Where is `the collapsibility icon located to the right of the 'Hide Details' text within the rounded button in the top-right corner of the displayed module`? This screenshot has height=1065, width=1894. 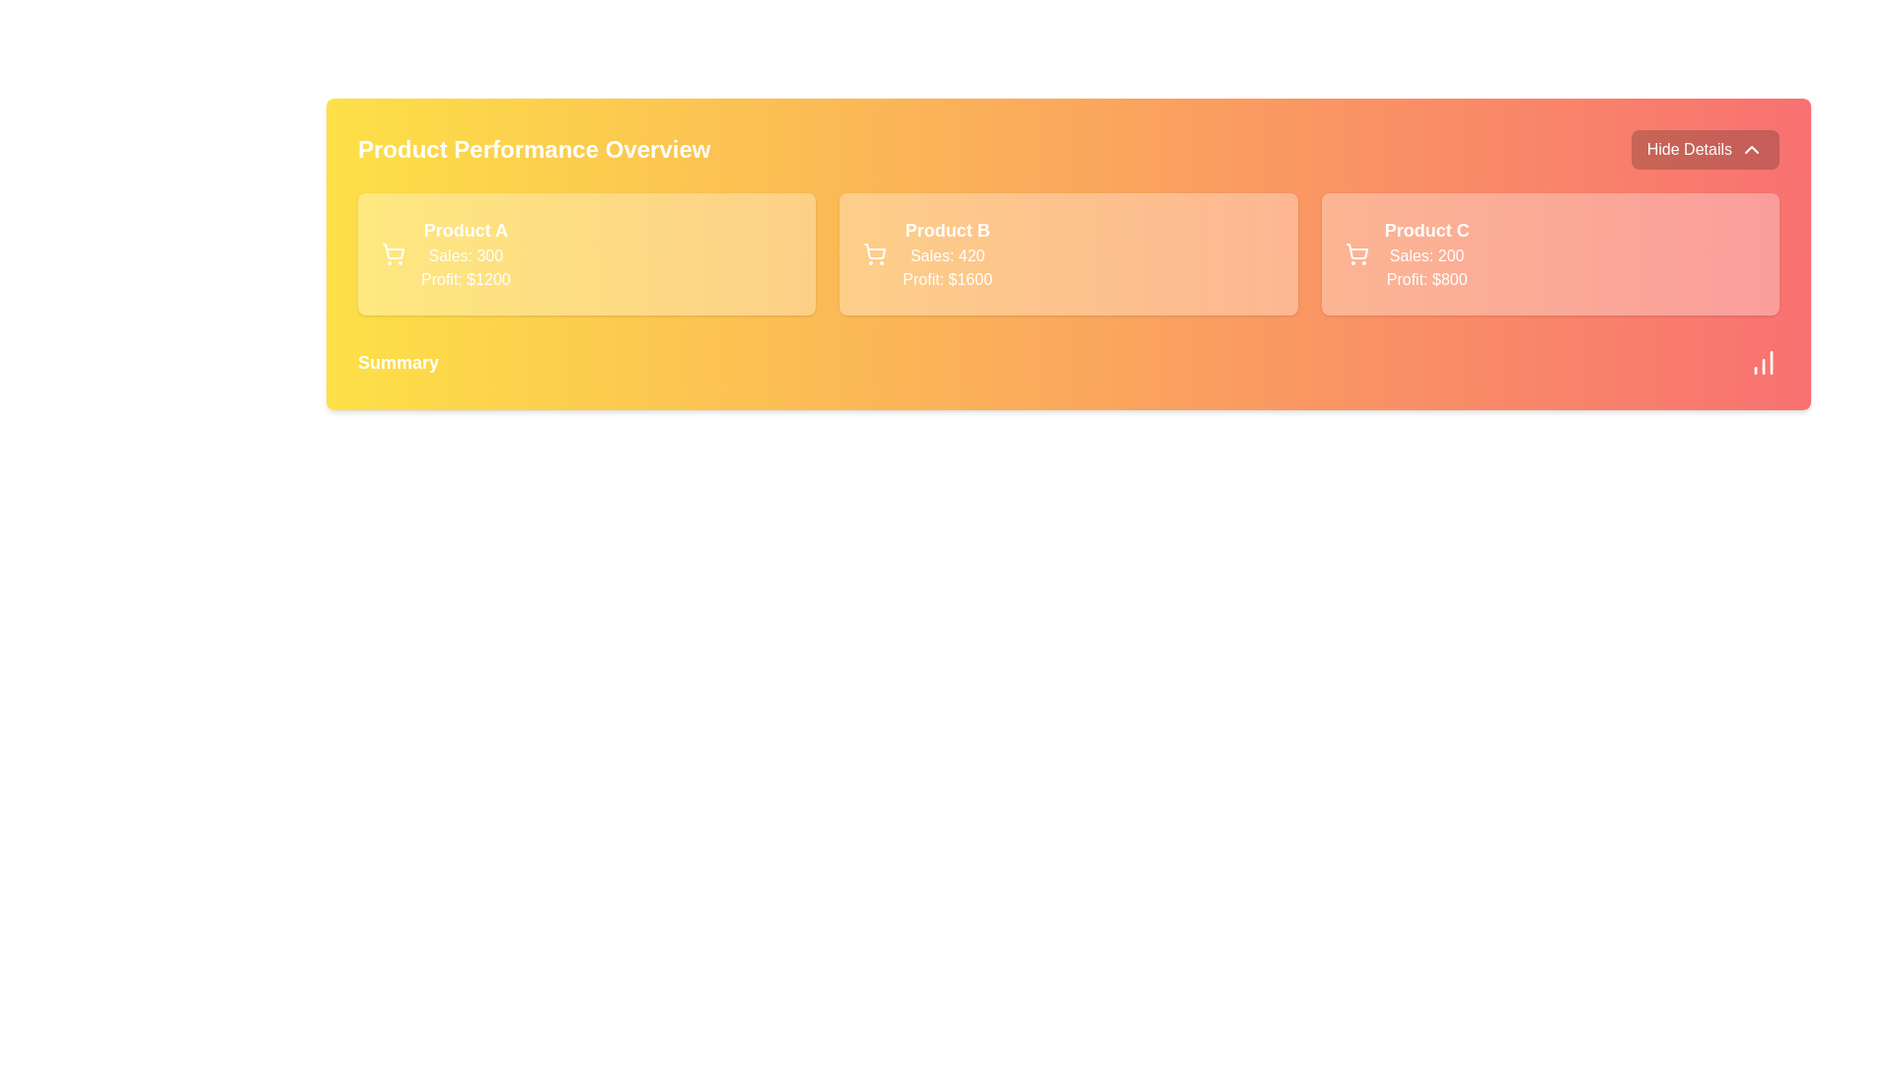
the collapsibility icon located to the right of the 'Hide Details' text within the rounded button in the top-right corner of the displayed module is located at coordinates (1752, 148).